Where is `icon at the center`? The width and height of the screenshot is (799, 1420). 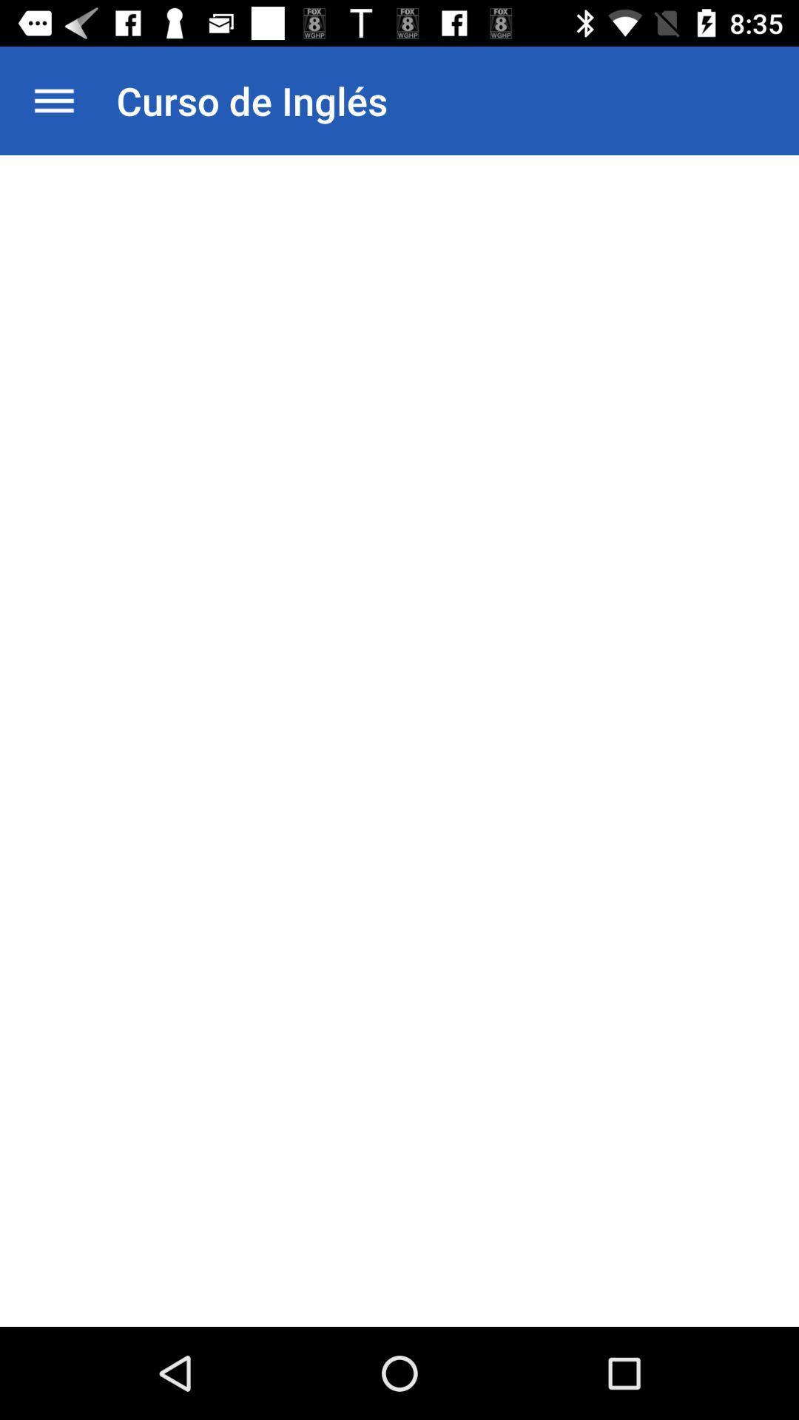 icon at the center is located at coordinates (393, 735).